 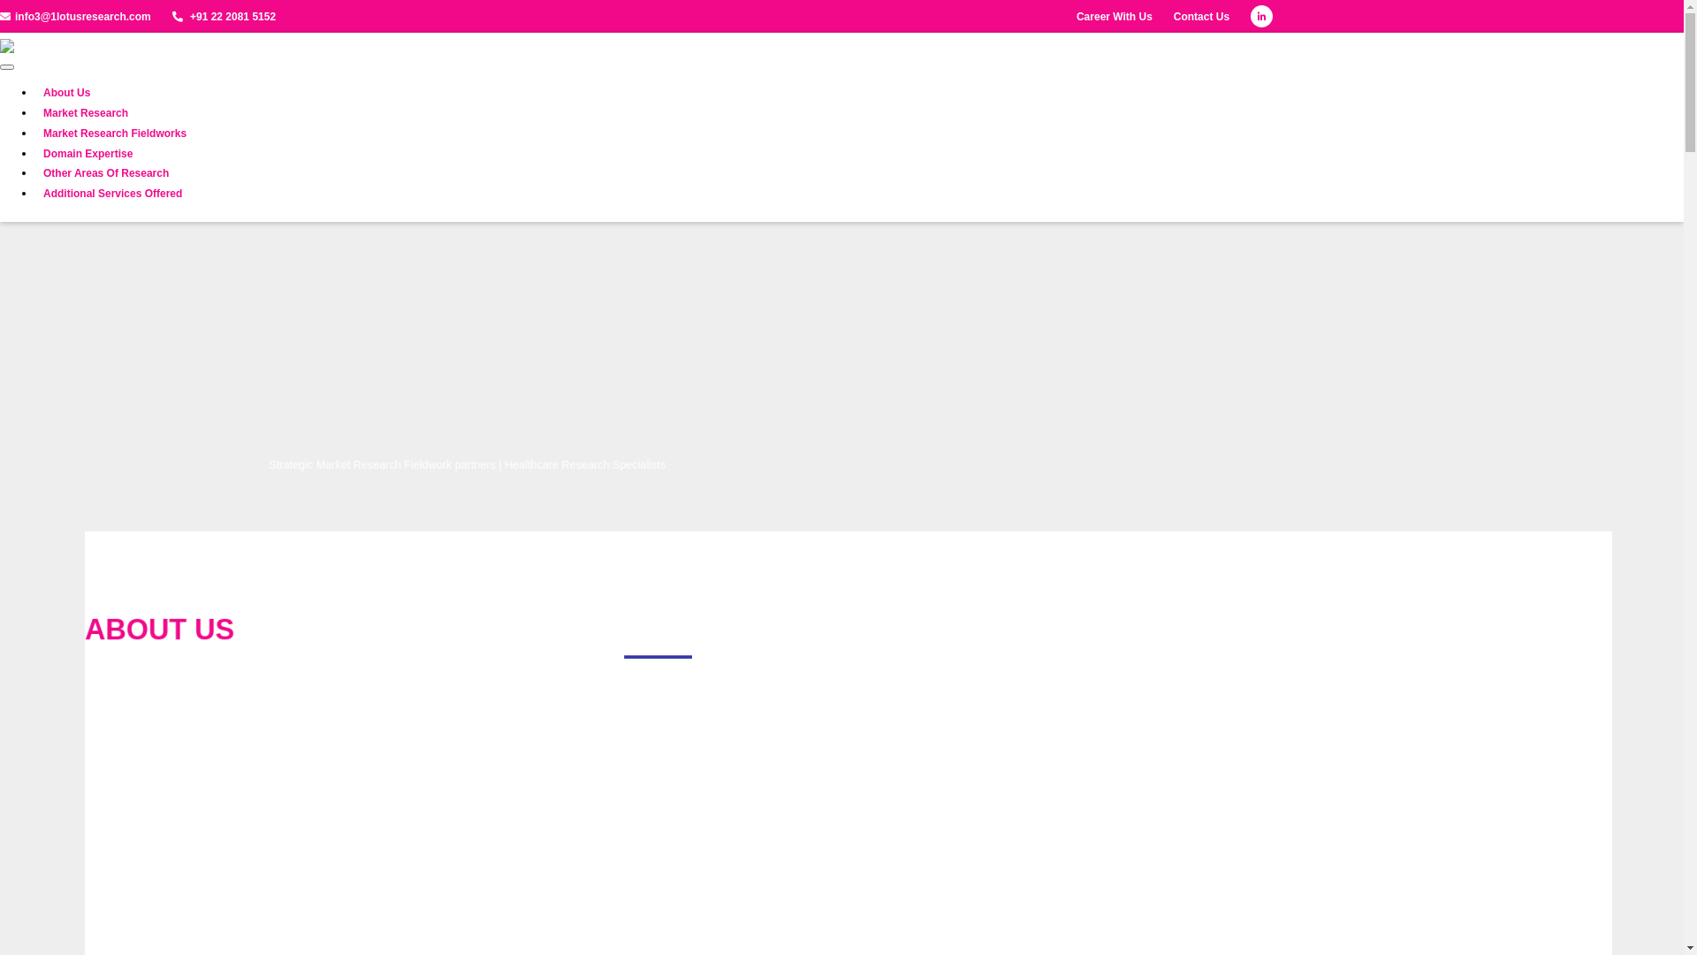 What do you see at coordinates (105, 173) in the screenshot?
I see `'Other Areas Of Research'` at bounding box center [105, 173].